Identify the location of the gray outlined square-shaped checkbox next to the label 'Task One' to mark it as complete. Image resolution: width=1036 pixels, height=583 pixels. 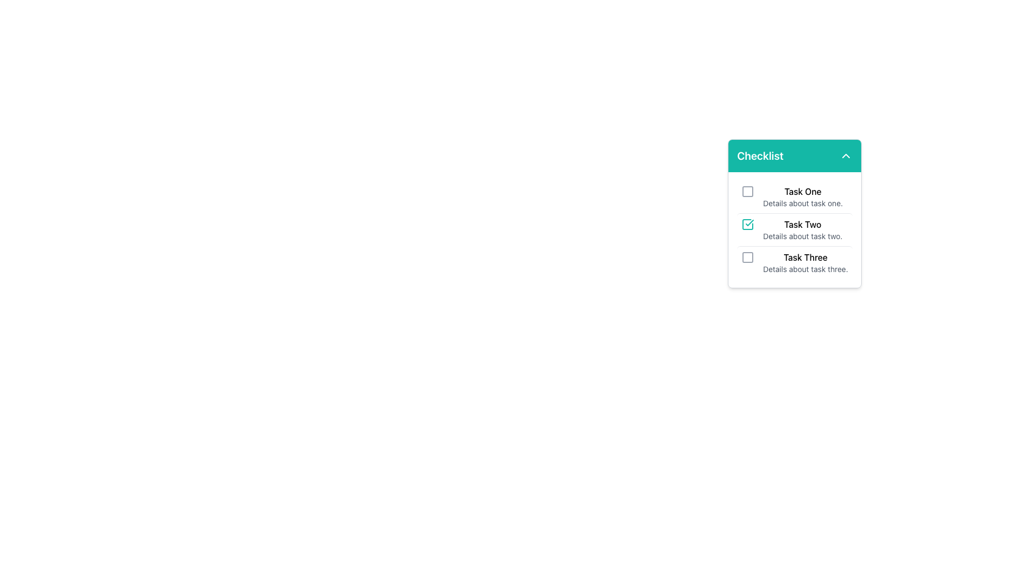
(747, 191).